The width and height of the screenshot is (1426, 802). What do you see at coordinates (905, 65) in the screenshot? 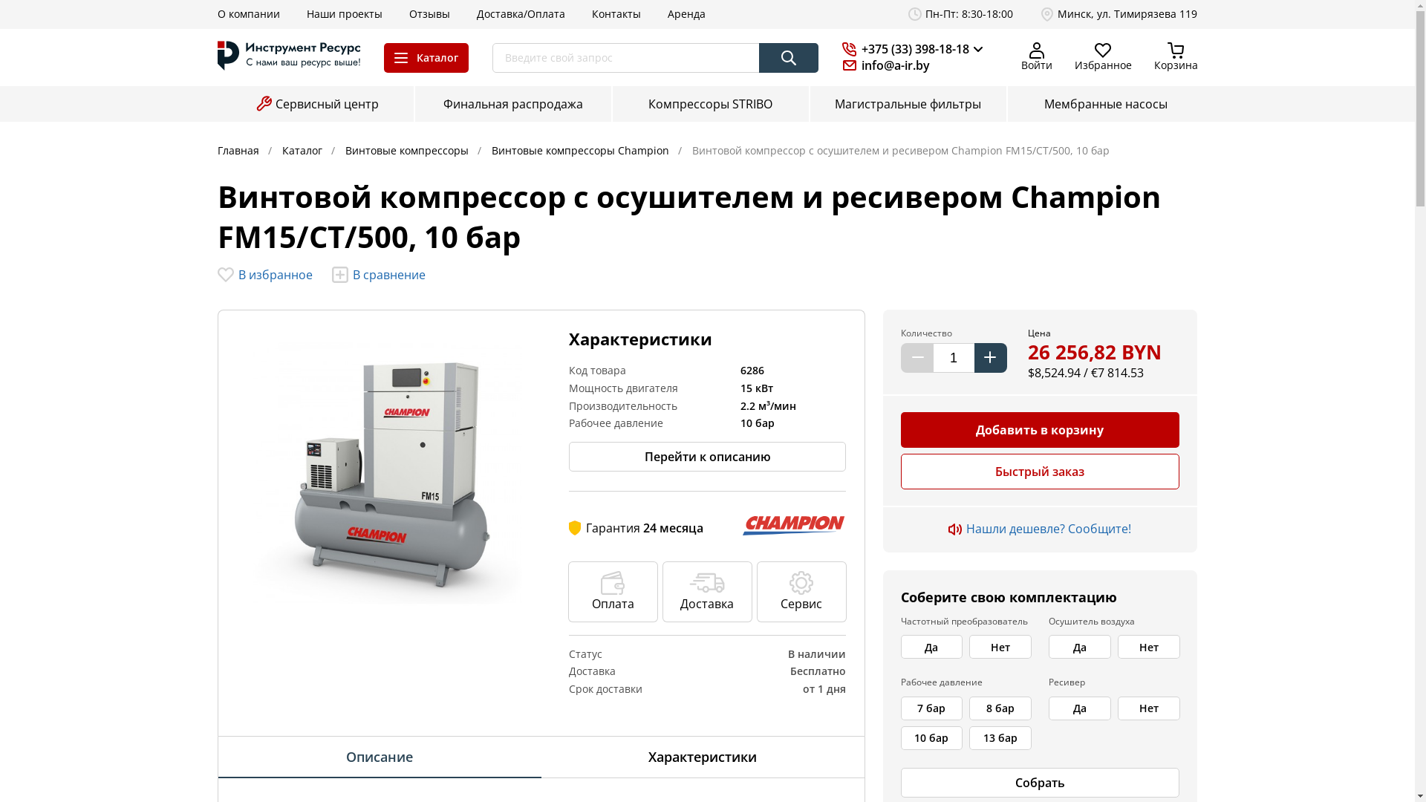
I see `'info@a-ir.by'` at bounding box center [905, 65].